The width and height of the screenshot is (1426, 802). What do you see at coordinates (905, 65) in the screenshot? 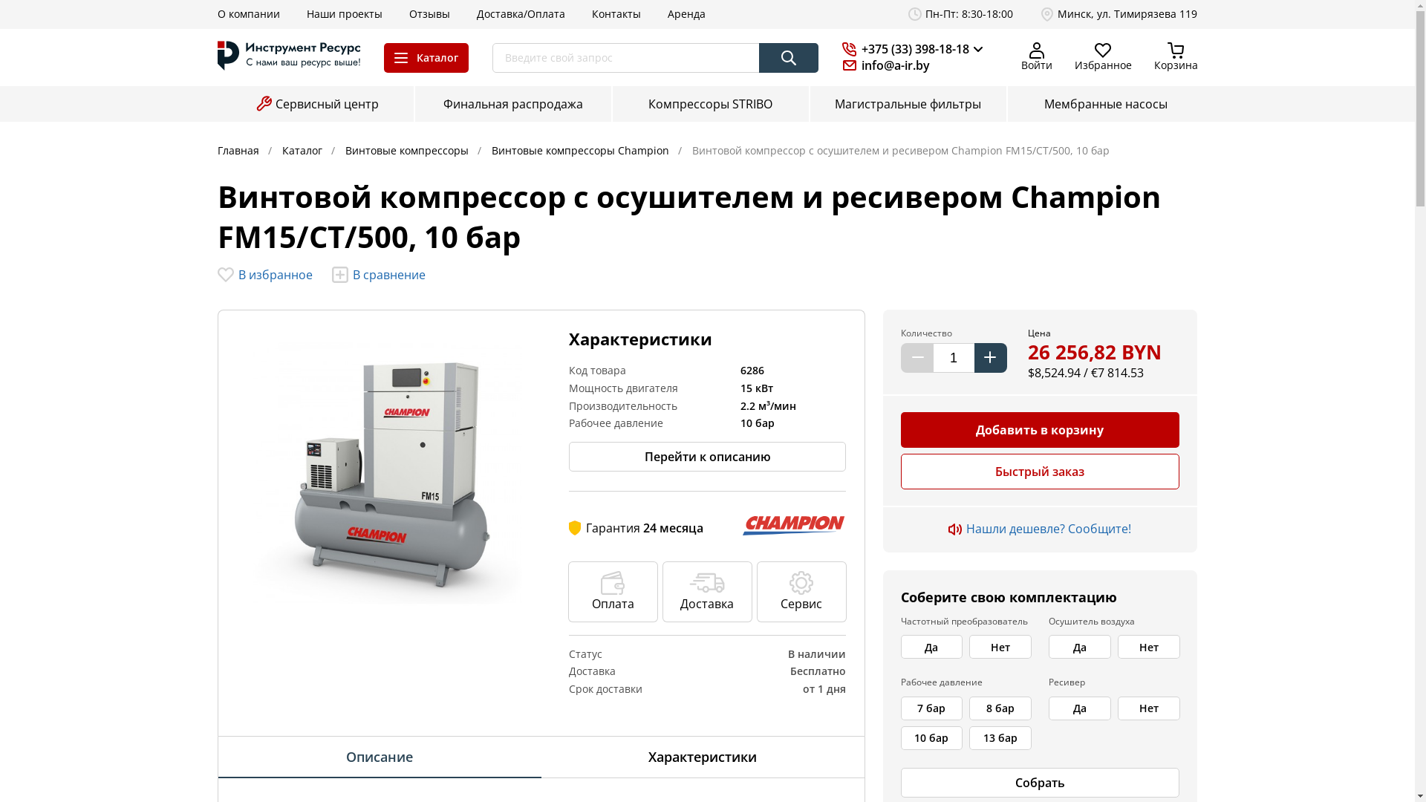
I see `'info@a-ir.by'` at bounding box center [905, 65].